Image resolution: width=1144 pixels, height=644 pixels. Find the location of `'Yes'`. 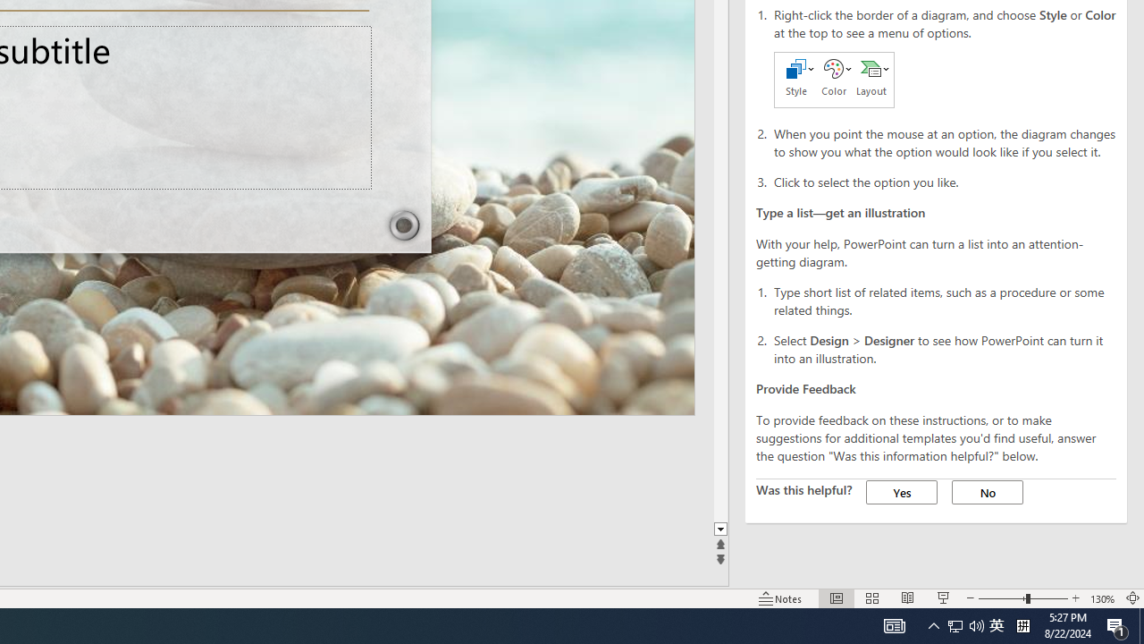

'Yes' is located at coordinates (902, 492).